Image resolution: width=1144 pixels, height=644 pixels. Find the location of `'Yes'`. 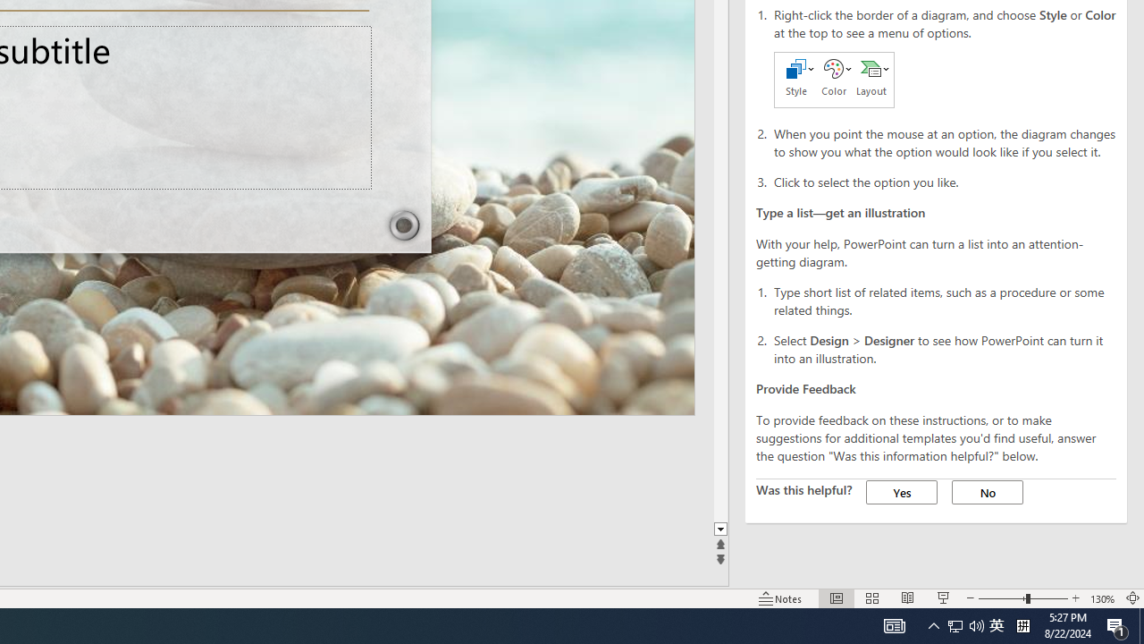

'Yes' is located at coordinates (902, 492).